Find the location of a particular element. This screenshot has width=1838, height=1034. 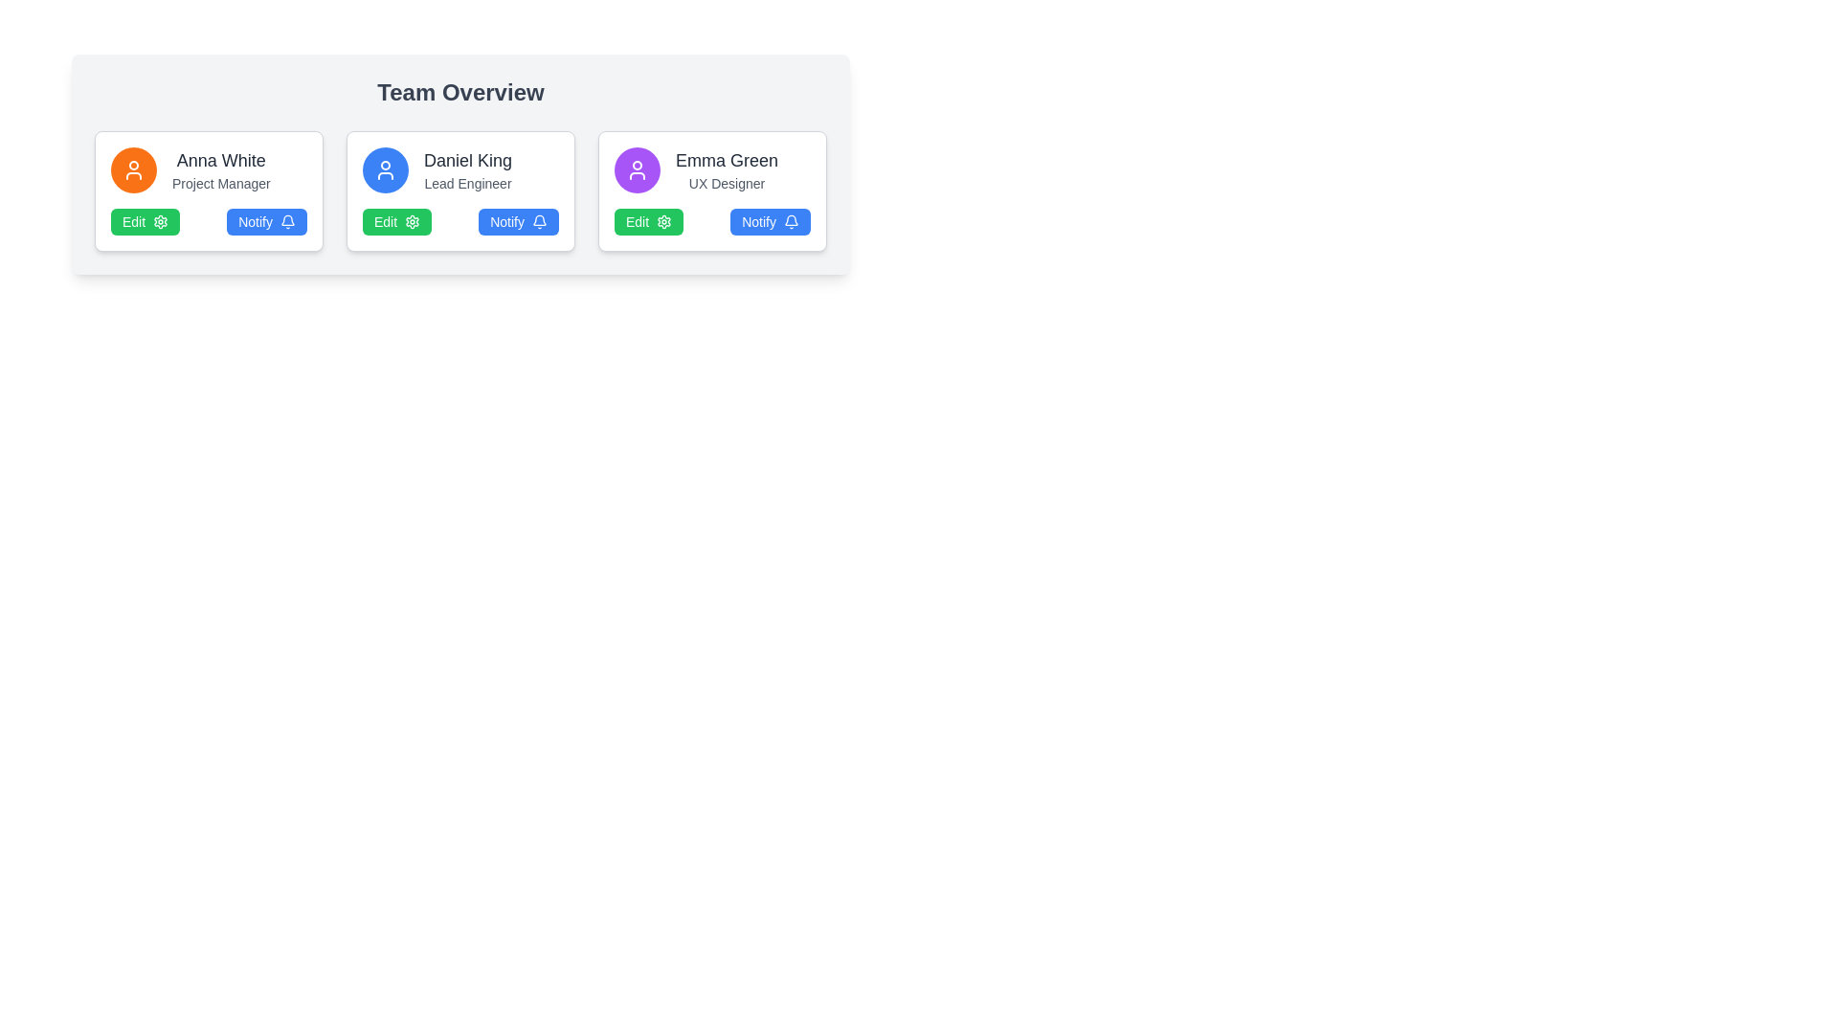

the Text Label of the 'Notify' button located on the left side, under the 'Anna White' card in the 'Team Overview' section is located at coordinates (255, 220).